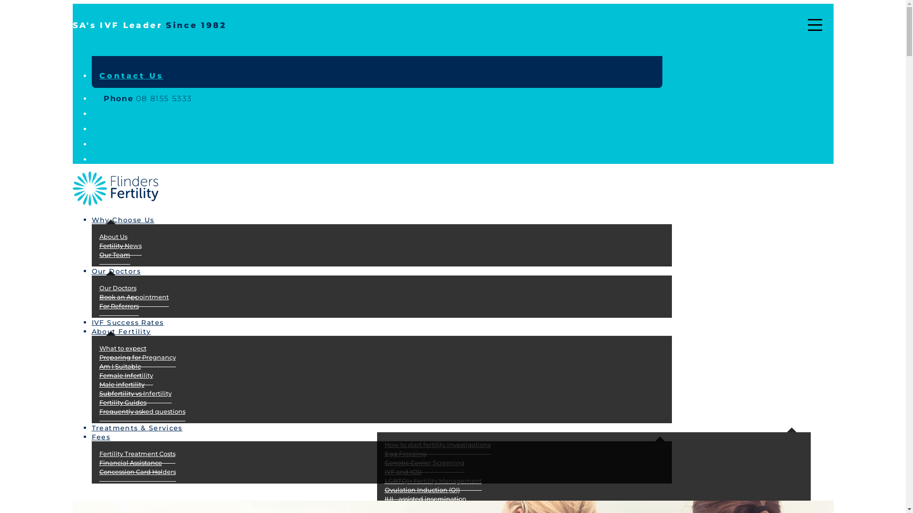 Image resolution: width=913 pixels, height=513 pixels. Describe the element at coordinates (114, 254) in the screenshot. I see `'Our Team'` at that location.